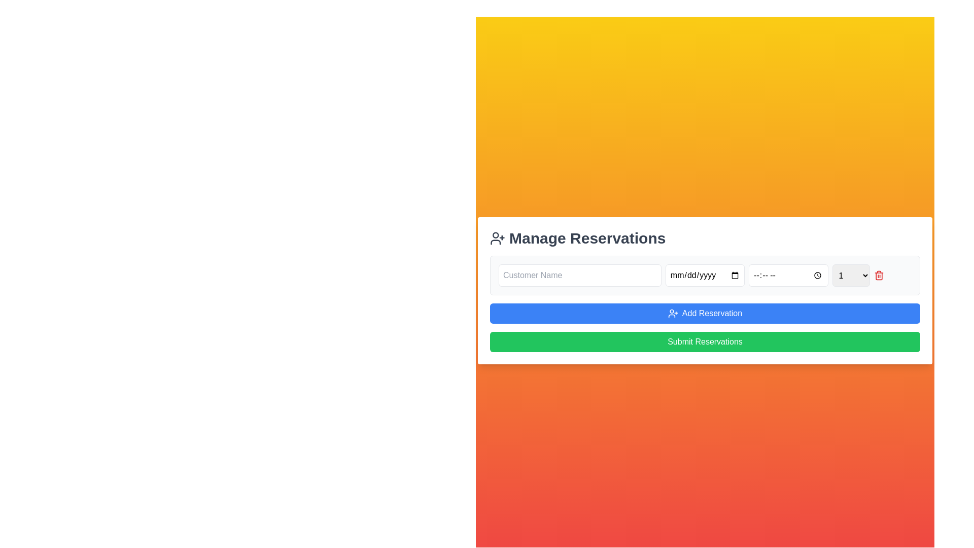 This screenshot has height=548, width=974. What do you see at coordinates (705, 342) in the screenshot?
I see `the second button below the 'Add Reservation' blue button` at bounding box center [705, 342].